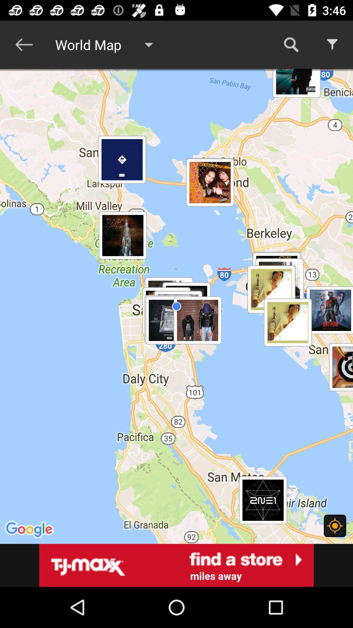  I want to click on the icon next to the world map icon, so click(24, 44).